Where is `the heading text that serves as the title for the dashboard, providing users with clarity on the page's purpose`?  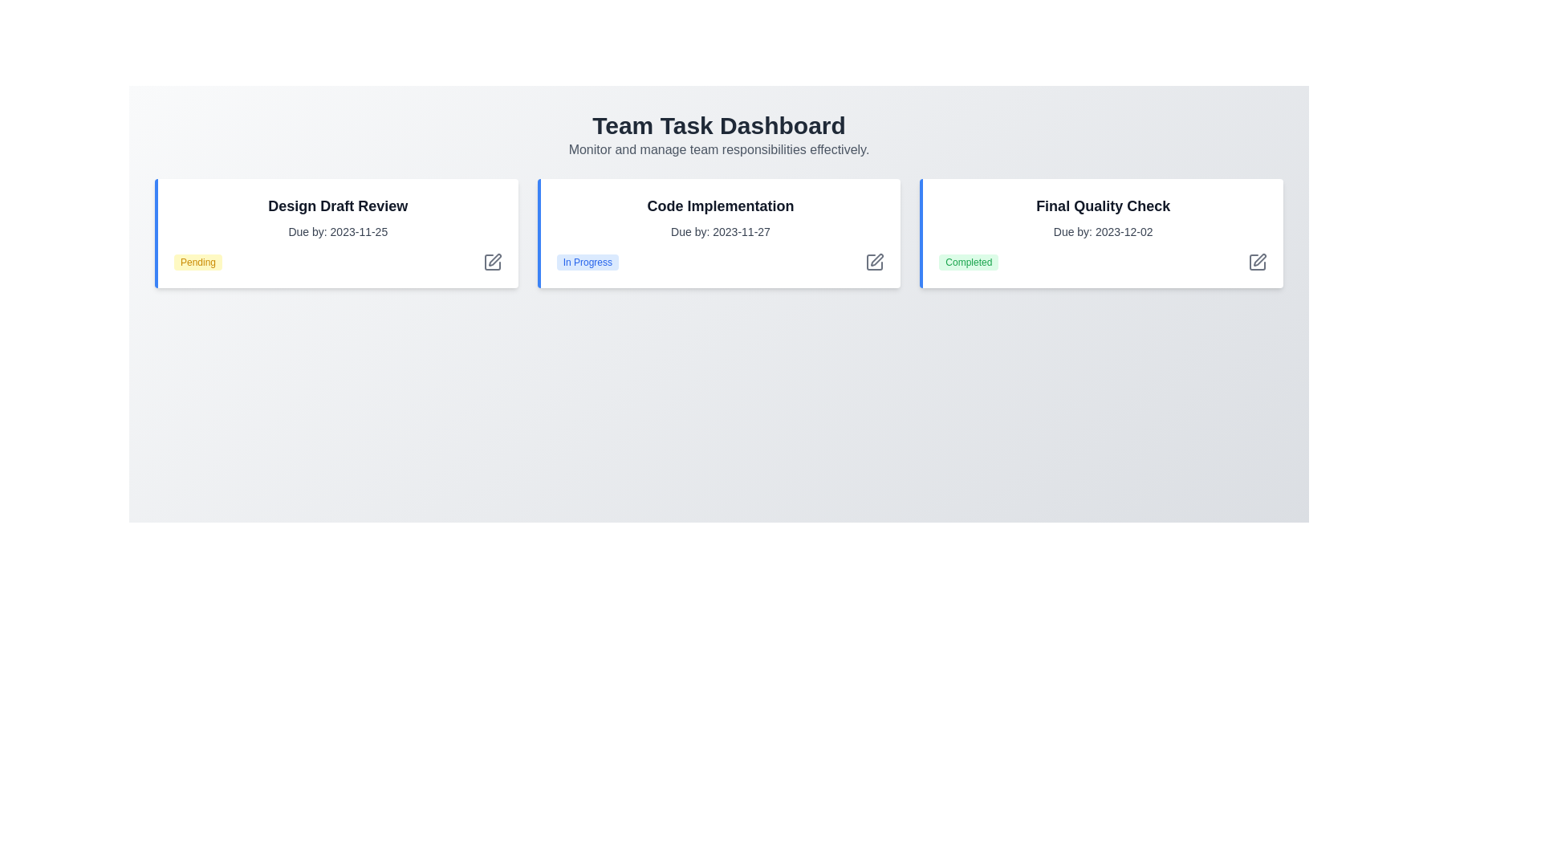
the heading text that serves as the title for the dashboard, providing users with clarity on the page's purpose is located at coordinates (718, 125).